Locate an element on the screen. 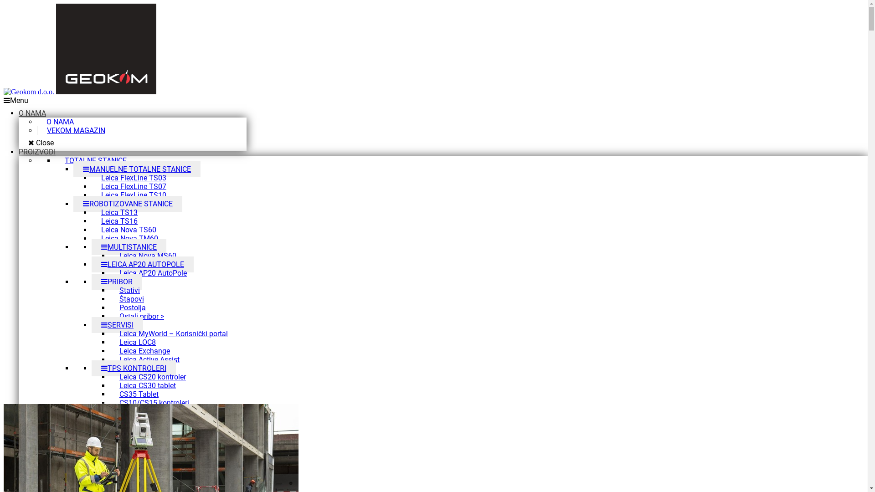  'TPS KONTROLERI' is located at coordinates (133, 368).